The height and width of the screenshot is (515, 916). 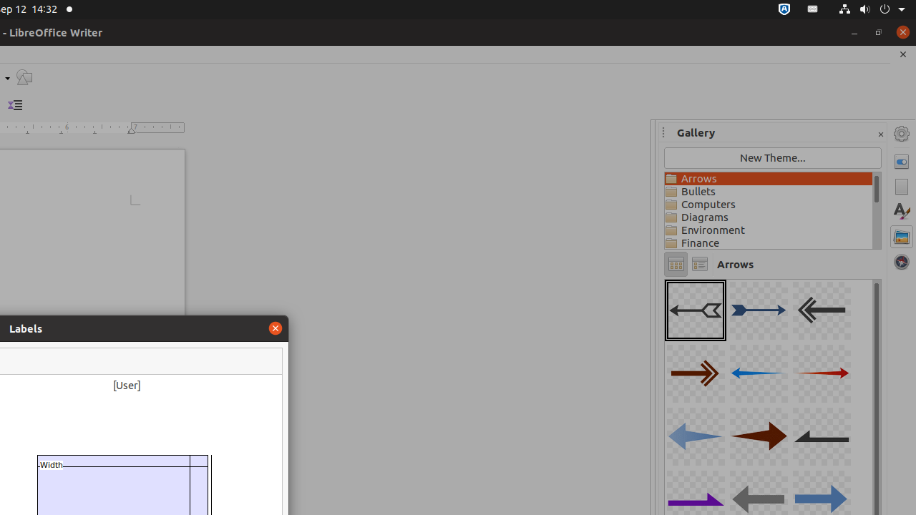 What do you see at coordinates (783, 9) in the screenshot?
I see `':1.72/StatusNotifierItem'` at bounding box center [783, 9].